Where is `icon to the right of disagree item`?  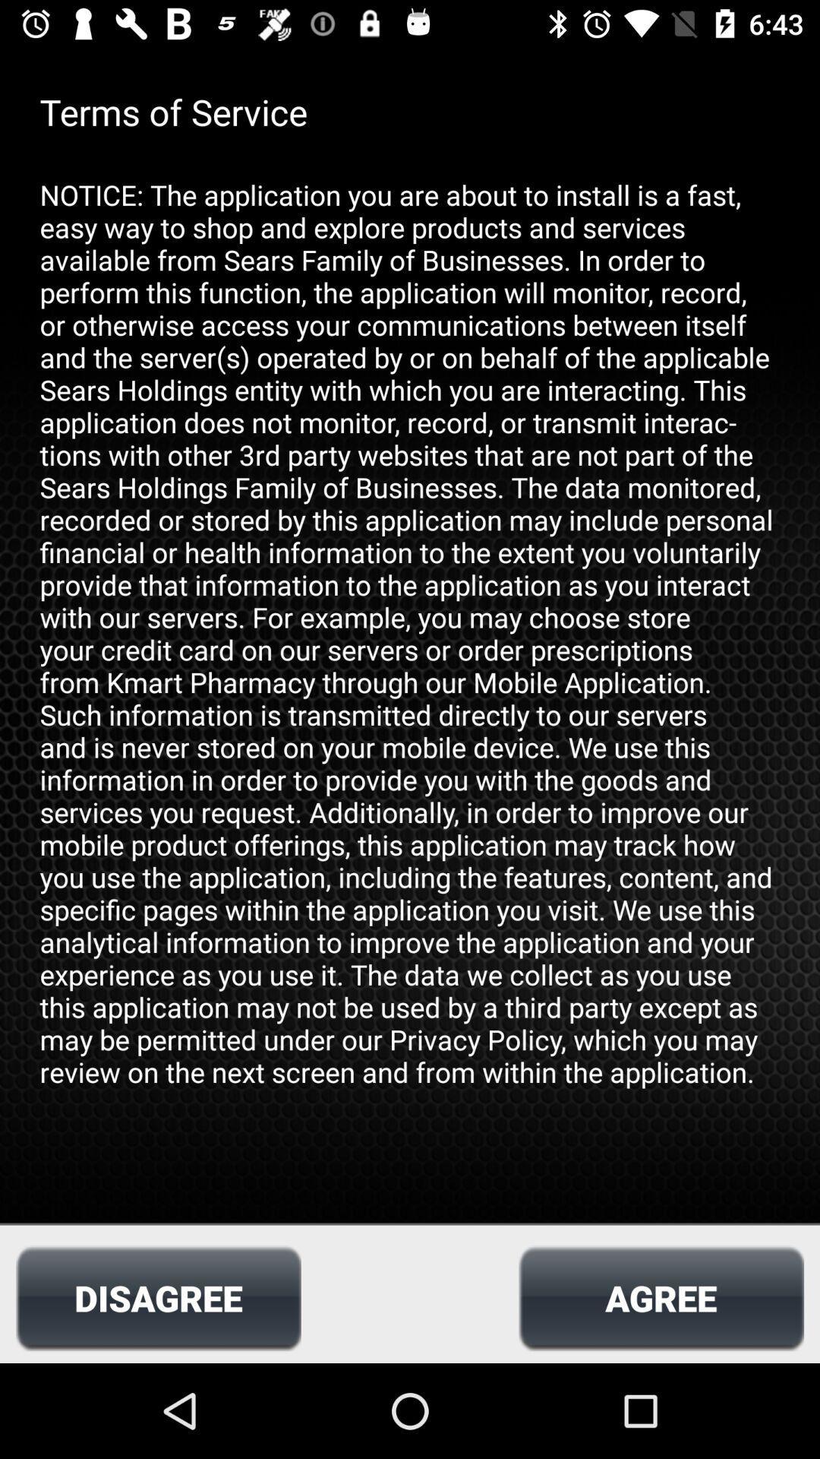
icon to the right of disagree item is located at coordinates (661, 1297).